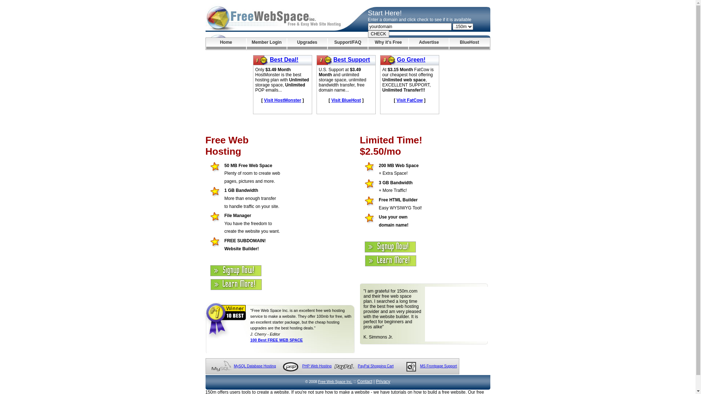  I want to click on 'MS Frontpage Support', so click(420, 366).